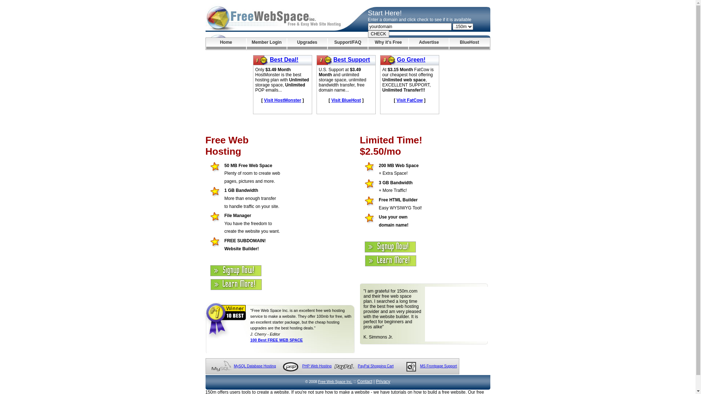  I want to click on 'MS Frontpage Support', so click(420, 366).